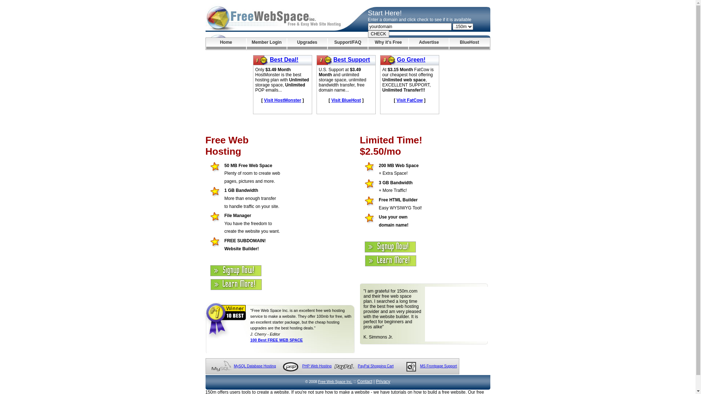  I want to click on 'MS Frontpage Support', so click(420, 366).